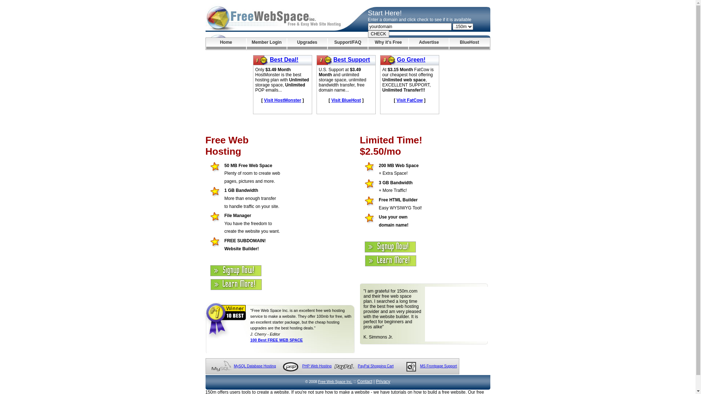  I want to click on 'MS Frontpage Support', so click(420, 366).